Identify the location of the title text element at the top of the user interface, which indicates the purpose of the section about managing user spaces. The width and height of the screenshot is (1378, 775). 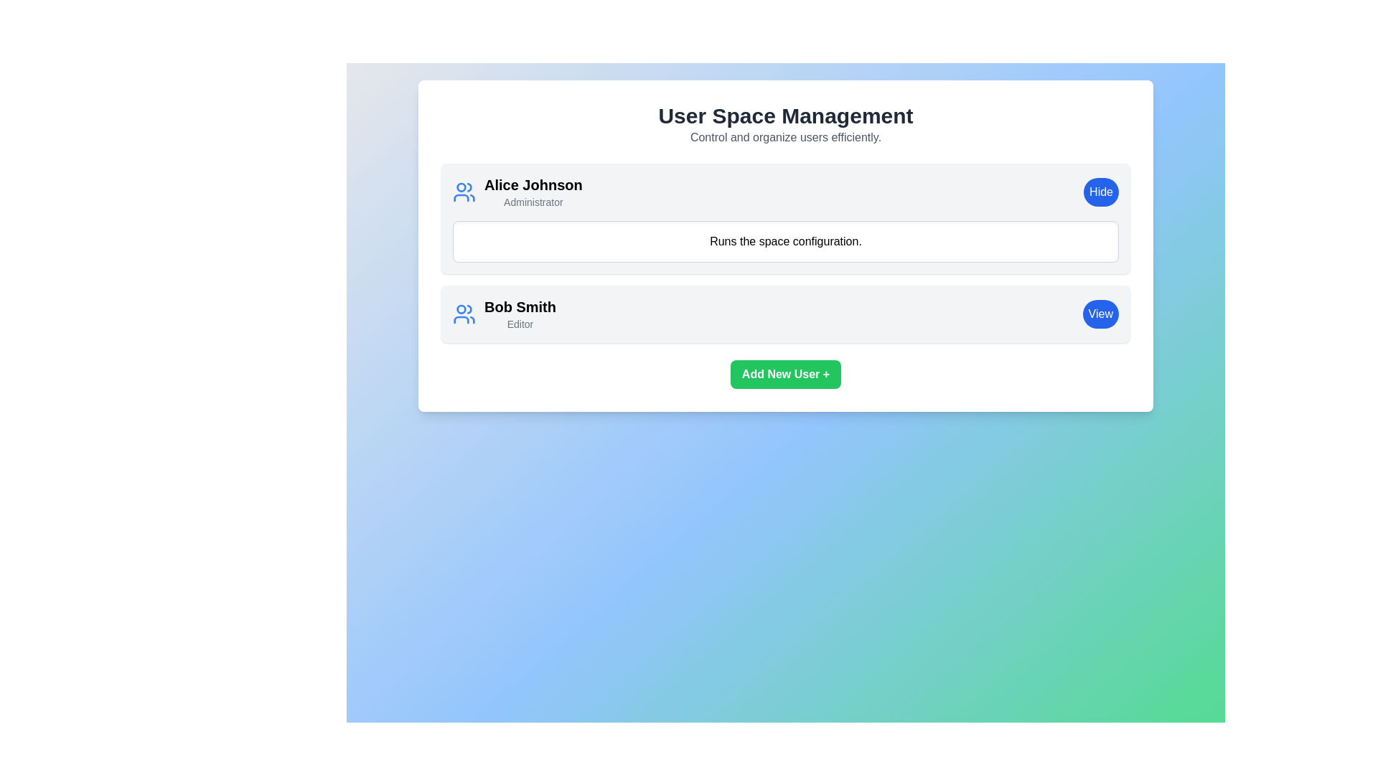
(784, 116).